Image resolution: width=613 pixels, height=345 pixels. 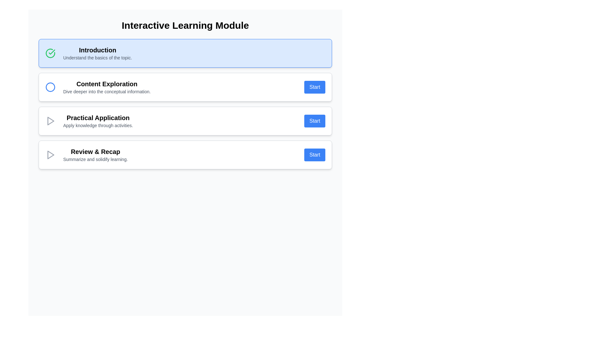 I want to click on the Play Icon located in the 'Practical Application' section to initiate action, so click(x=50, y=121).